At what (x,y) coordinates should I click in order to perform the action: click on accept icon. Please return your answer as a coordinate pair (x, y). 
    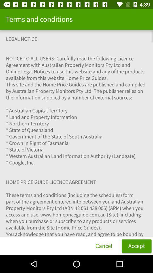
    Looking at the image, I should click on (136, 246).